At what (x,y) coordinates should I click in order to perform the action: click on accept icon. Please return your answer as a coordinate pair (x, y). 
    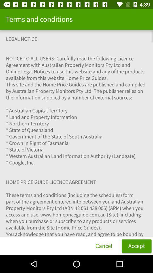
    Looking at the image, I should click on (136, 246).